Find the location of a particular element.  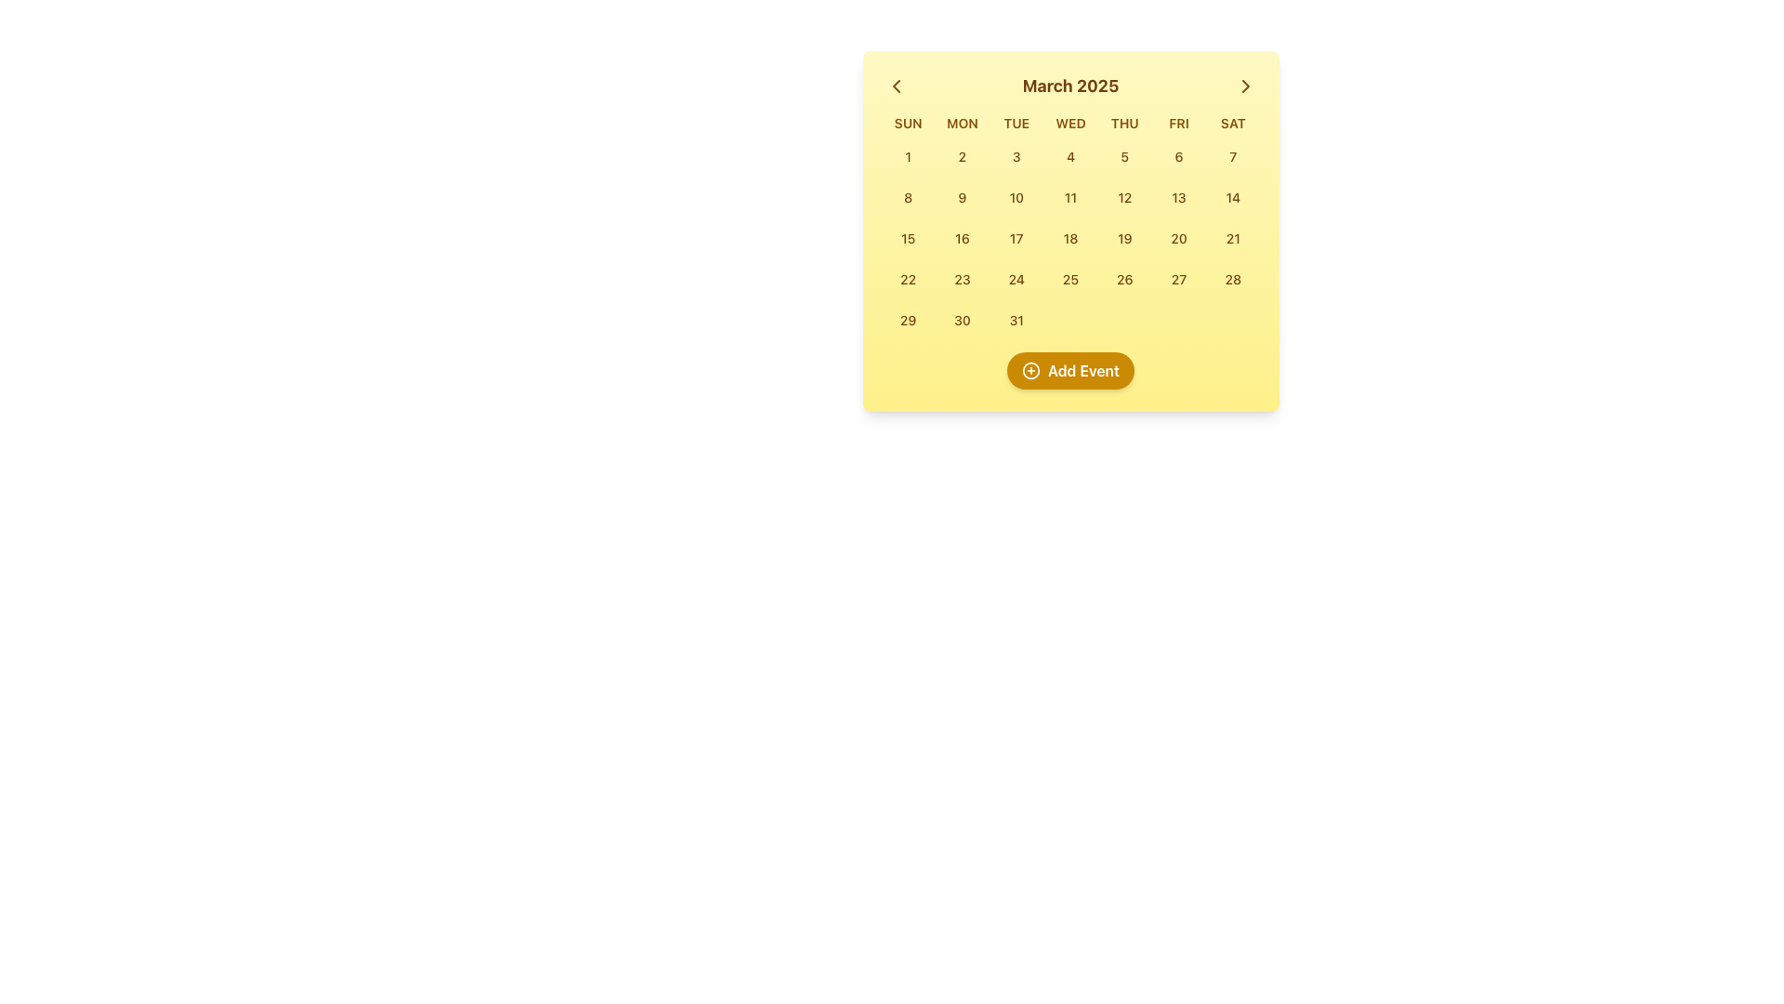

the button-like text element displaying the number '8' in the calendar grid is located at coordinates (908, 197).